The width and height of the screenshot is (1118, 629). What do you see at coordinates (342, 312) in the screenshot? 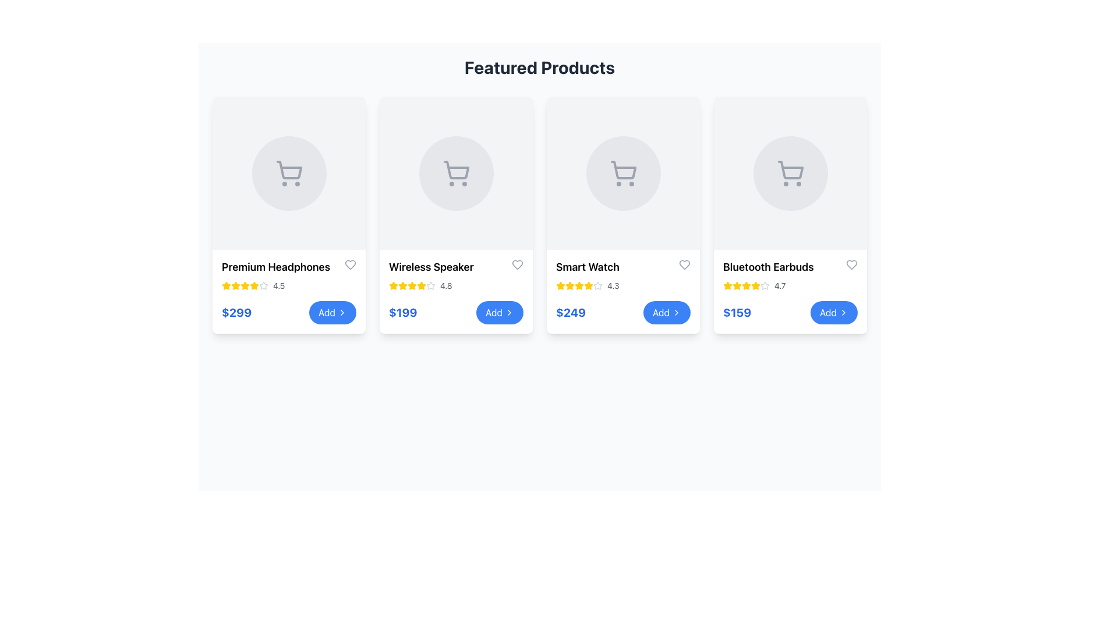
I see `the rightward-pointing chevron icon within the blue 'Add' button located near the bottom center of the product card to initiate the associated action` at bounding box center [342, 312].